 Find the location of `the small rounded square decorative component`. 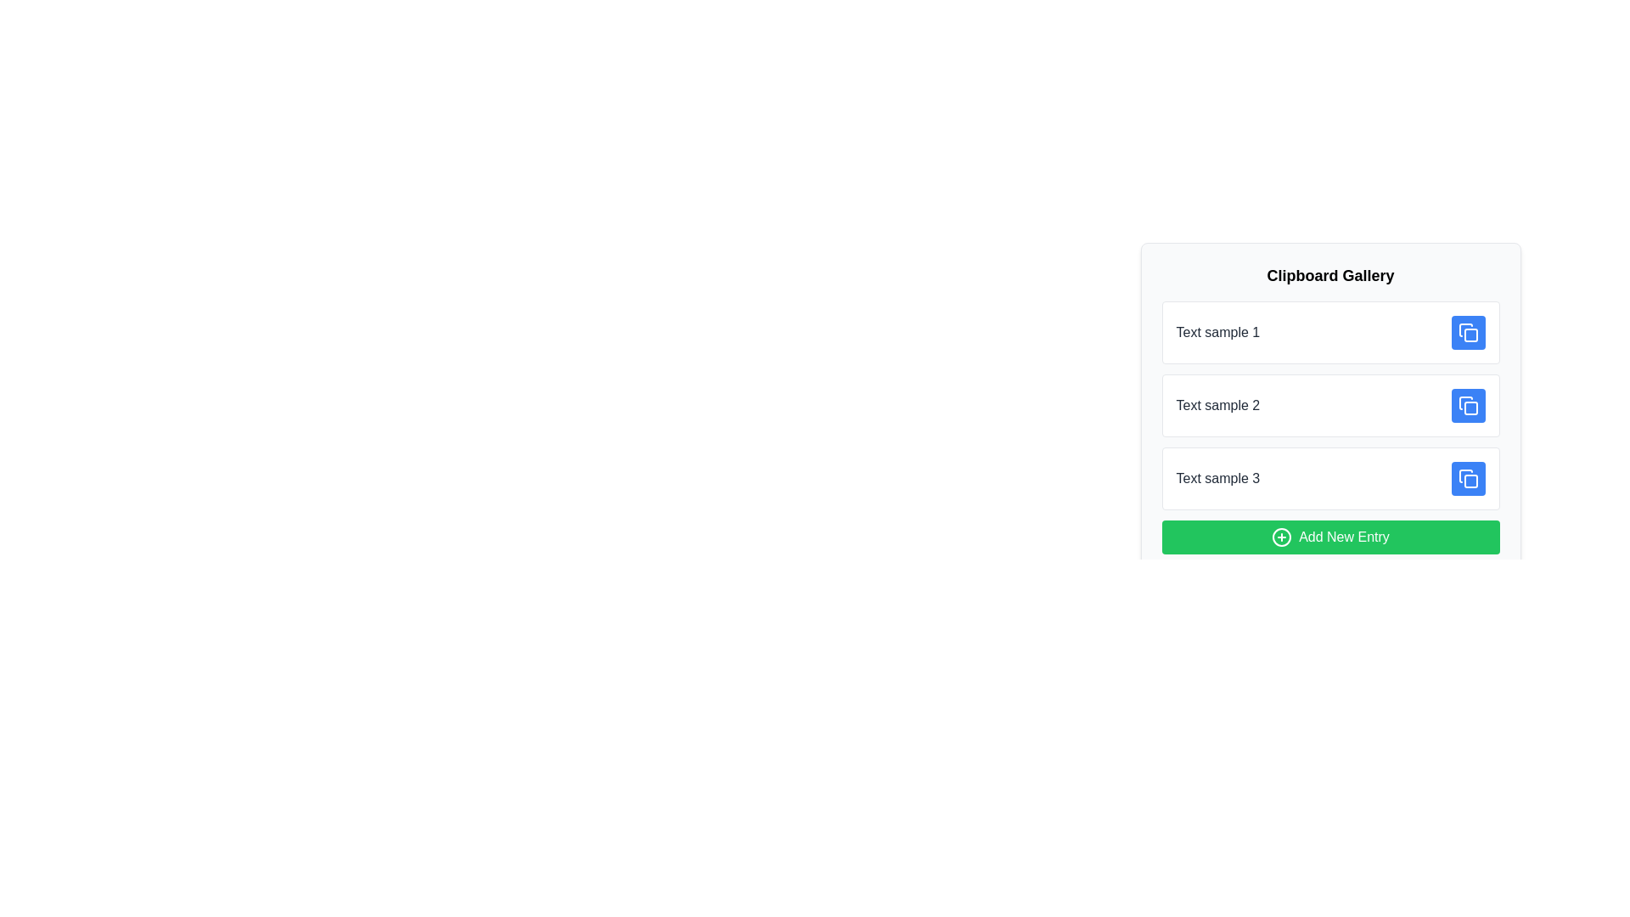

the small rounded square decorative component is located at coordinates (1470, 408).